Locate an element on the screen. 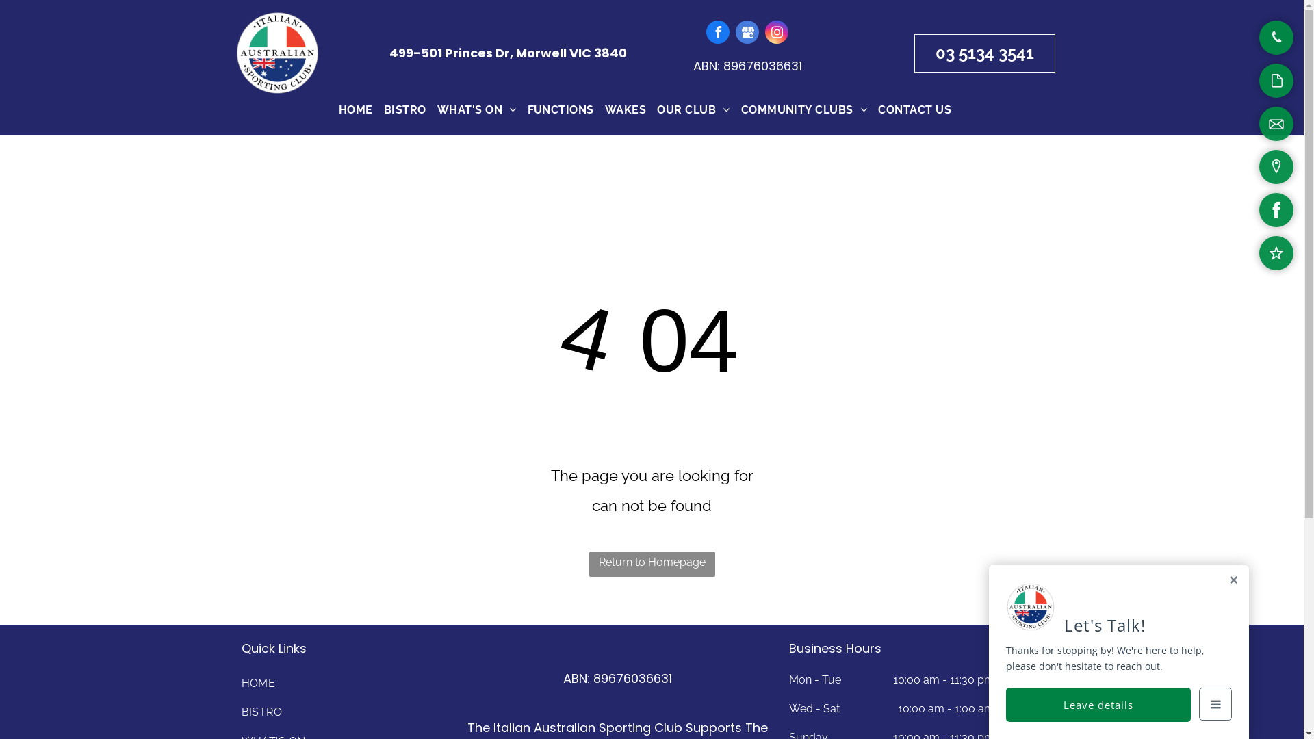 The width and height of the screenshot is (1314, 739). 'CONTACT US' is located at coordinates (914, 109).